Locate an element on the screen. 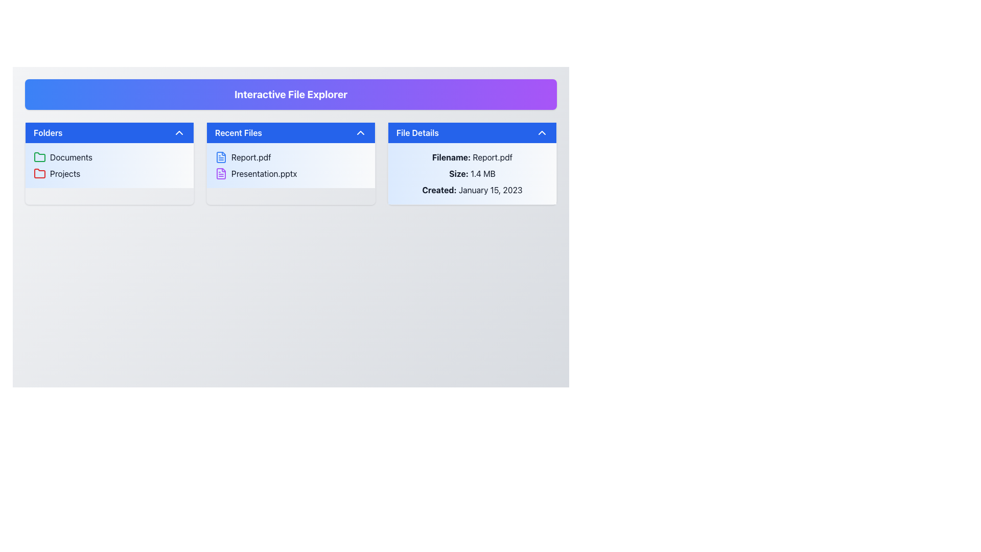  on the text label displaying the file name 'Report.pdf' in the 'Recent Files' section is located at coordinates (251, 157).